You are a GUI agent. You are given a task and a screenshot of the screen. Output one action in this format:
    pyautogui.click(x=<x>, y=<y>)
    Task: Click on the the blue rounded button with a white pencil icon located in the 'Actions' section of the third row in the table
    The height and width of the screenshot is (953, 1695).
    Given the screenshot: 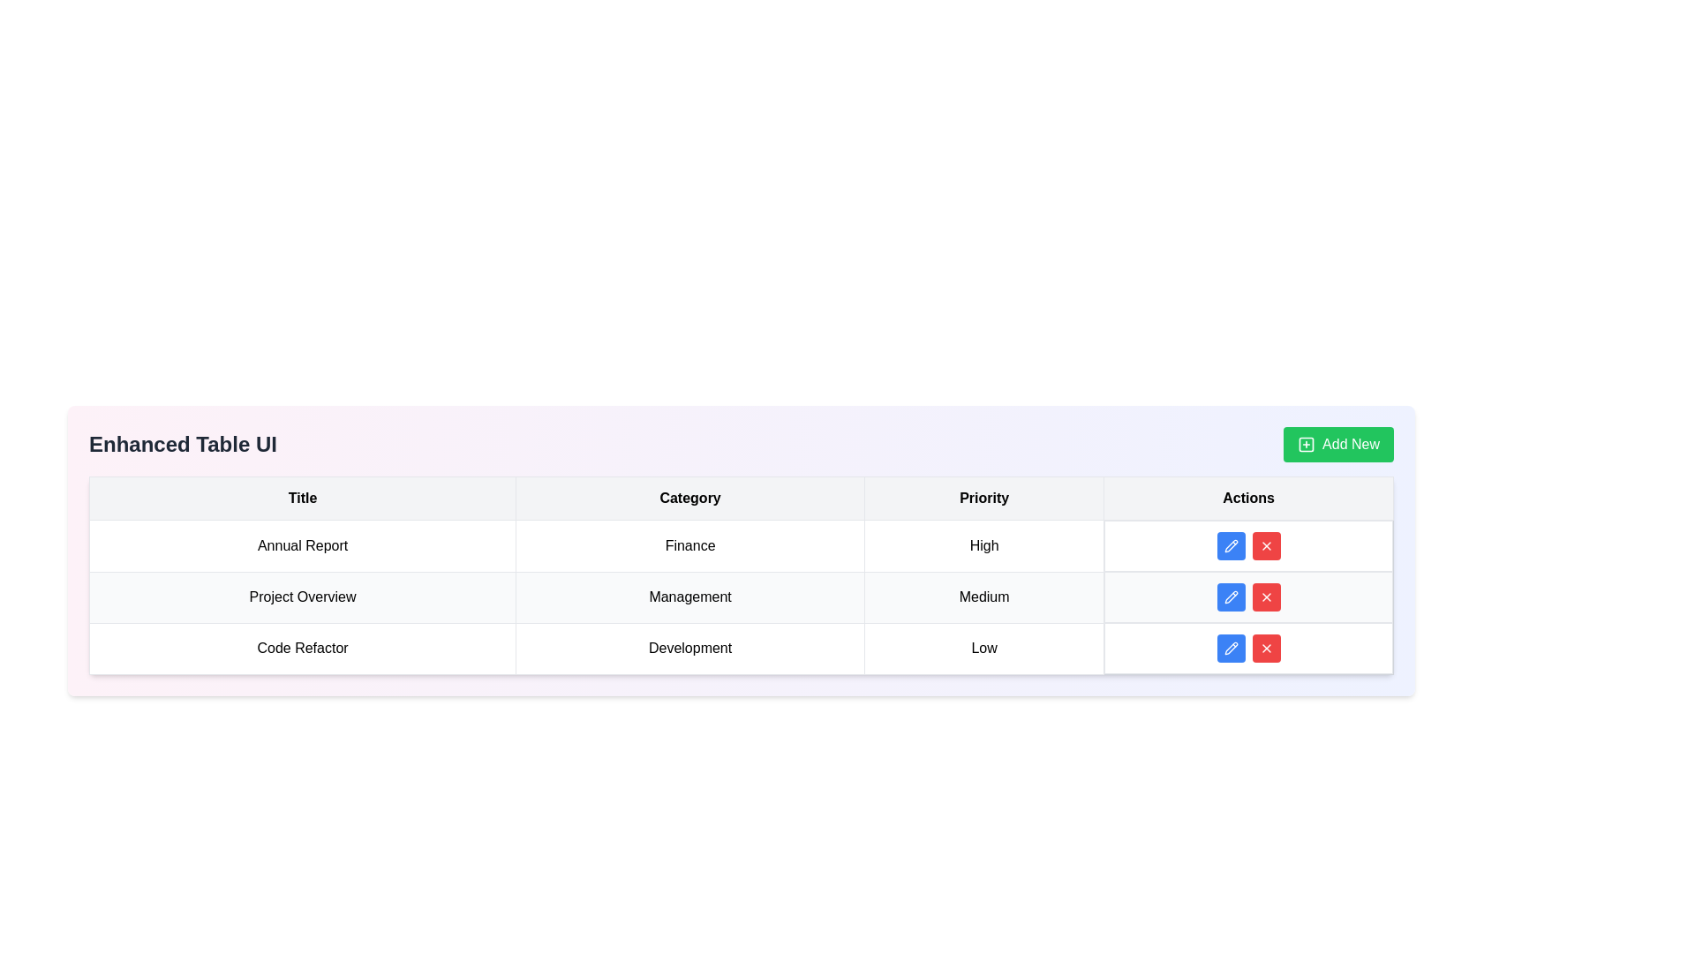 What is the action you would take?
    pyautogui.click(x=1230, y=649)
    